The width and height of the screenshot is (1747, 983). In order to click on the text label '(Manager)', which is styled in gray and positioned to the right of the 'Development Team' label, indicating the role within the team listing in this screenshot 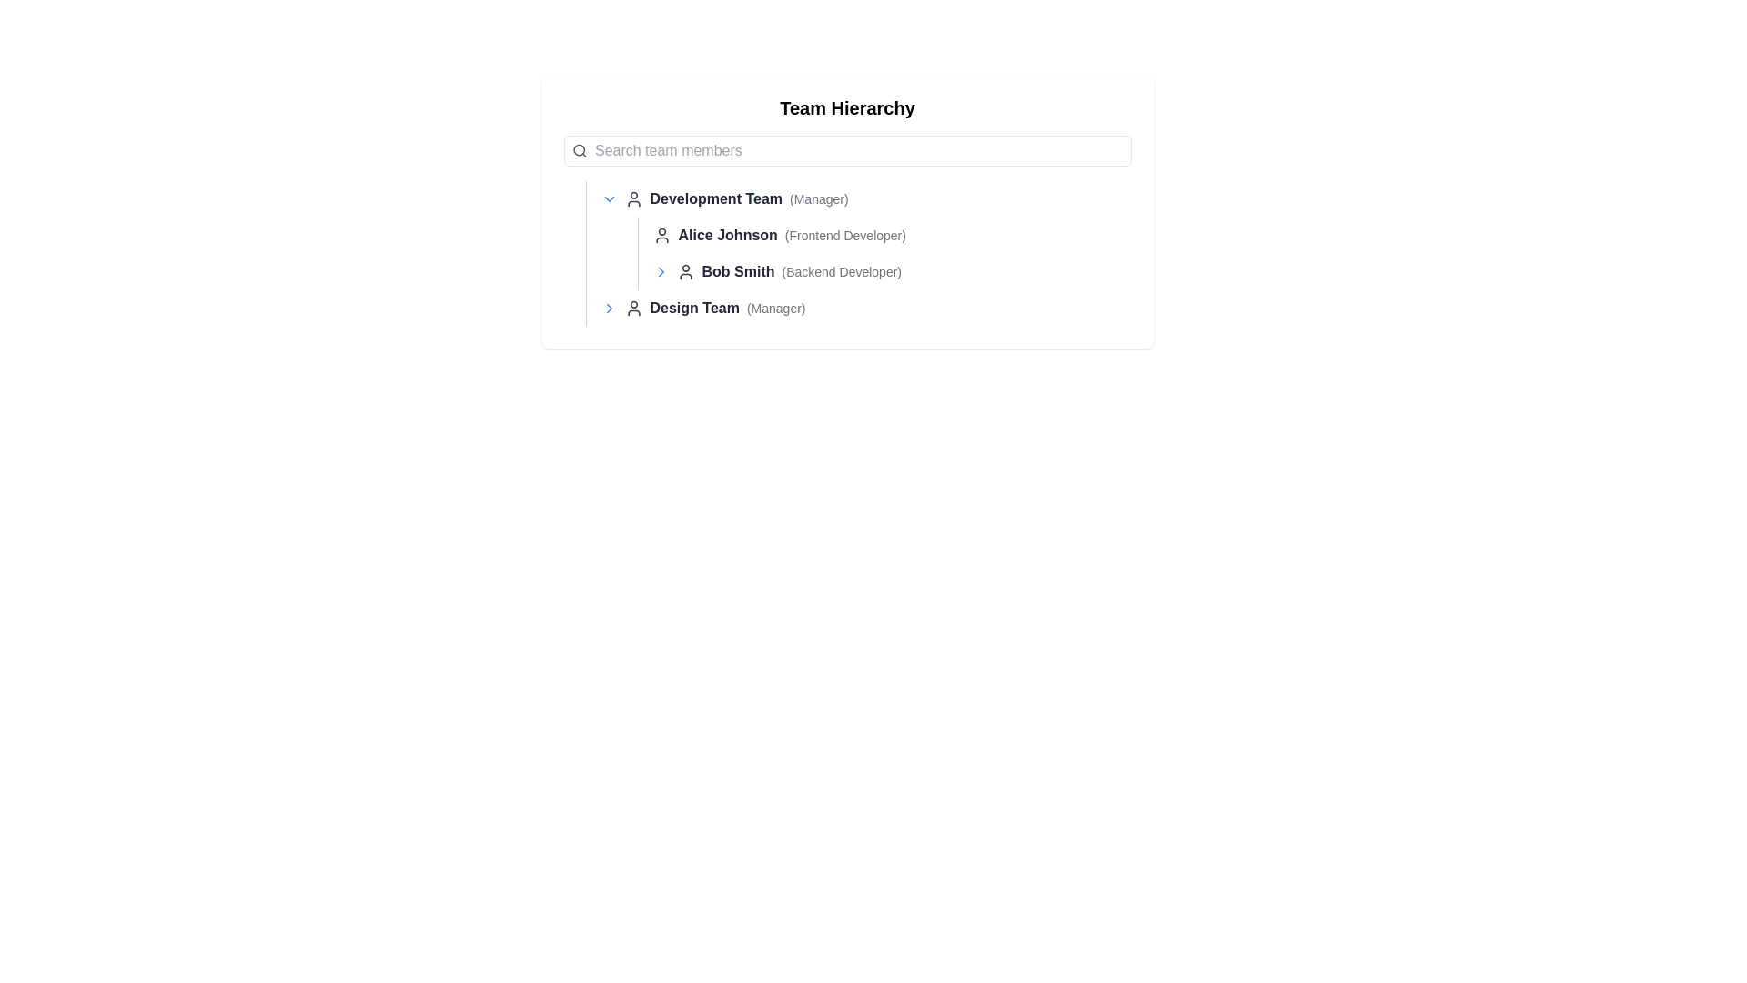, I will do `click(818, 199)`.